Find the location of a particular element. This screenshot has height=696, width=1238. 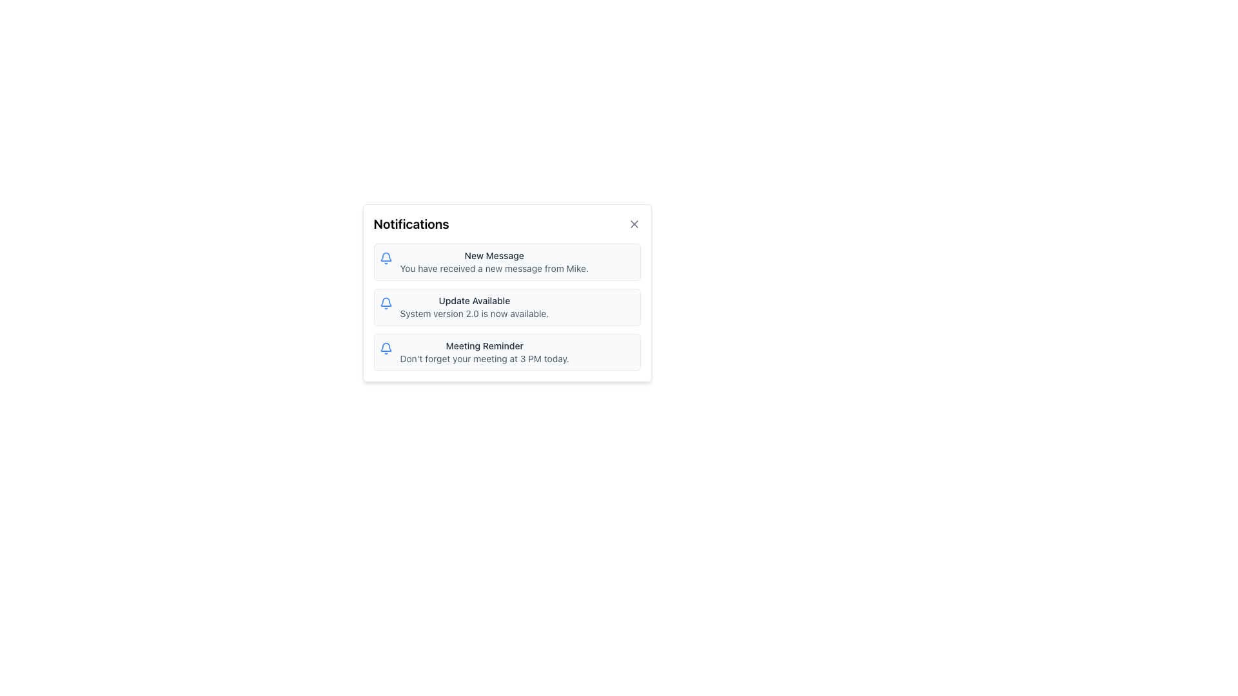

the notification icon, which is a bell symbol located in the middle section of the notification panel, to check for alerts or updates is located at coordinates (385, 303).